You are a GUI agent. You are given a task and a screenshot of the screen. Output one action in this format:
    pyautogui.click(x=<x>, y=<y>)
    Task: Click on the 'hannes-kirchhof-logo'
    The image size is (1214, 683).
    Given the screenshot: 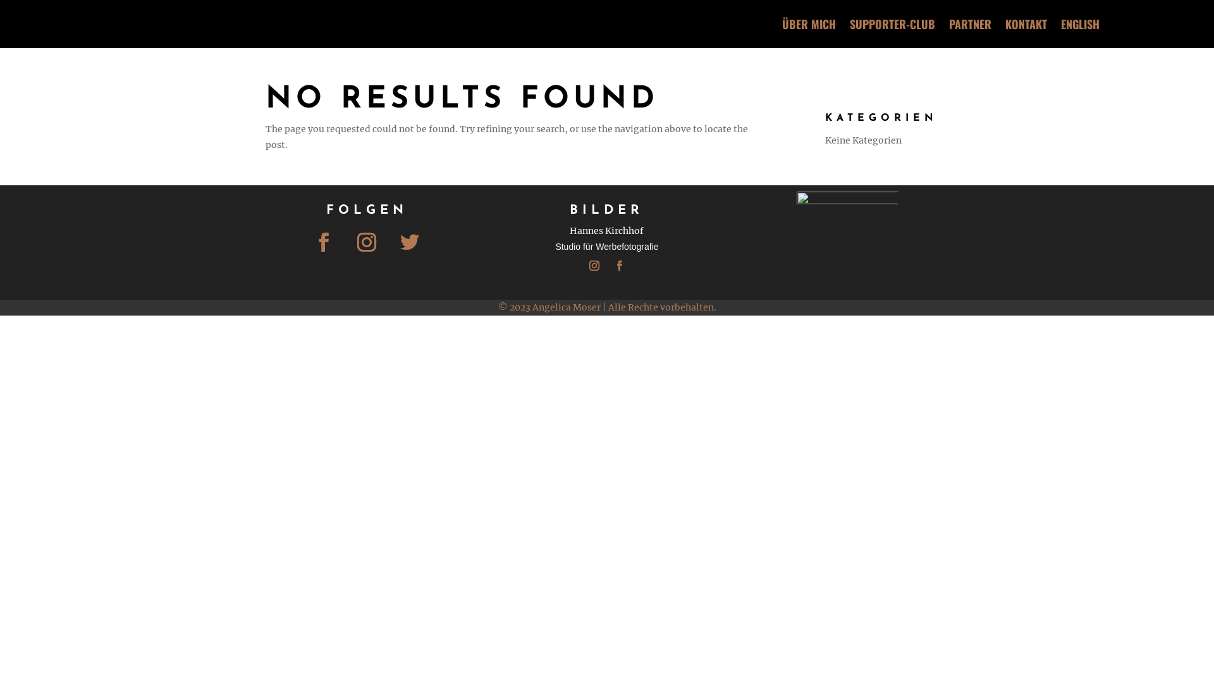 What is the action you would take?
    pyautogui.click(x=847, y=242)
    